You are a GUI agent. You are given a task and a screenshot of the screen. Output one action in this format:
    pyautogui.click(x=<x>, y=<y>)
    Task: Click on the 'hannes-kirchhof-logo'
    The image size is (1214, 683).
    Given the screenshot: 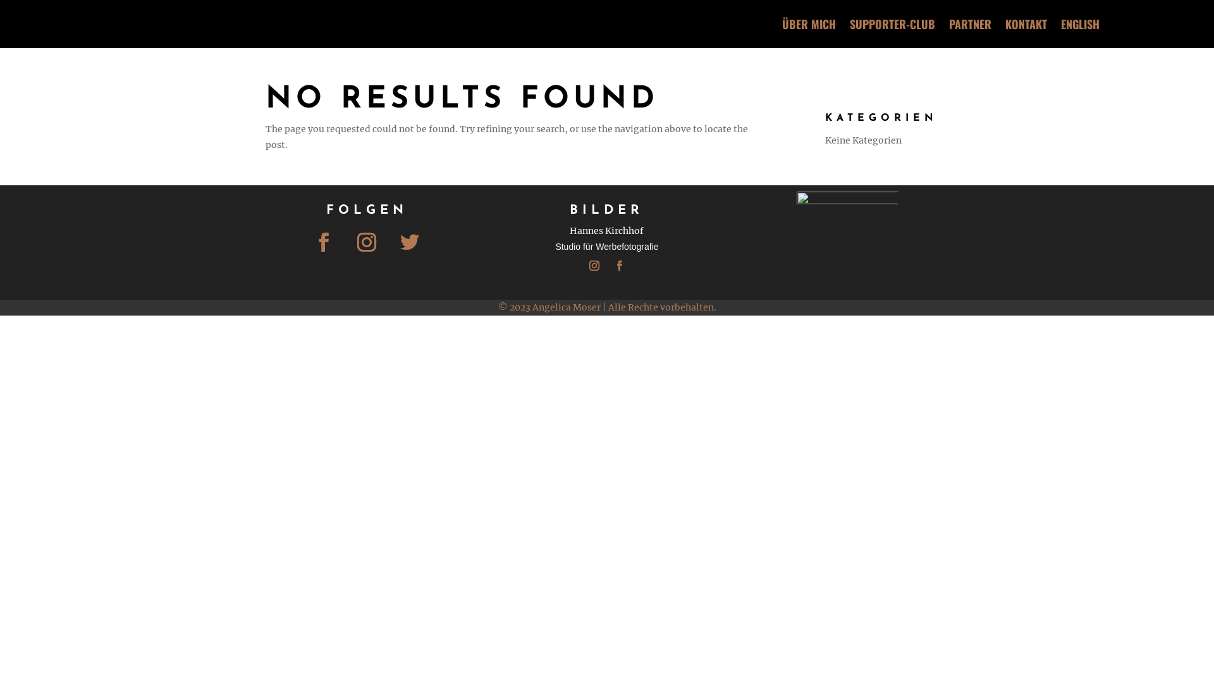 What is the action you would take?
    pyautogui.click(x=847, y=242)
    